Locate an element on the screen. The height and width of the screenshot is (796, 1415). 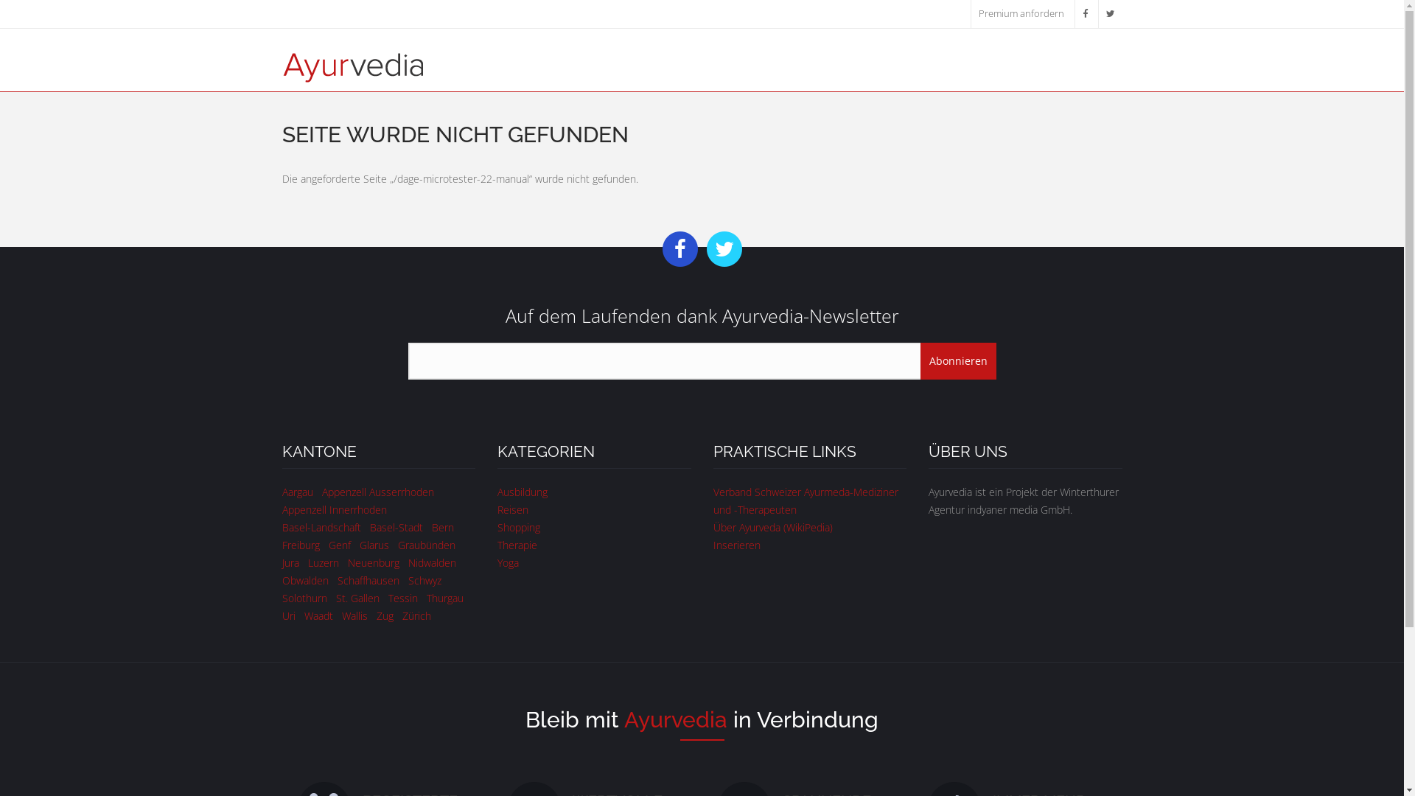
'Waadt' is located at coordinates (317, 615).